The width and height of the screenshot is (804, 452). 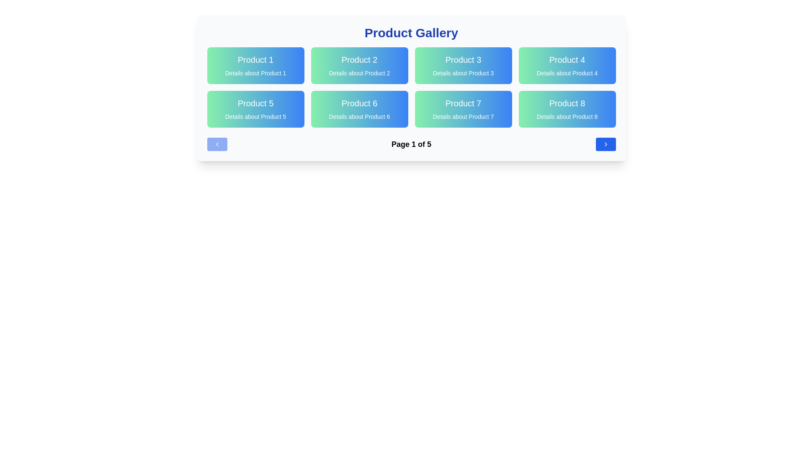 I want to click on the text label displaying 'Details about Product 5', which is styled in white against a gradient background, located below the title 'Product 5' in the second row's first card of the product grid, so click(x=255, y=116).